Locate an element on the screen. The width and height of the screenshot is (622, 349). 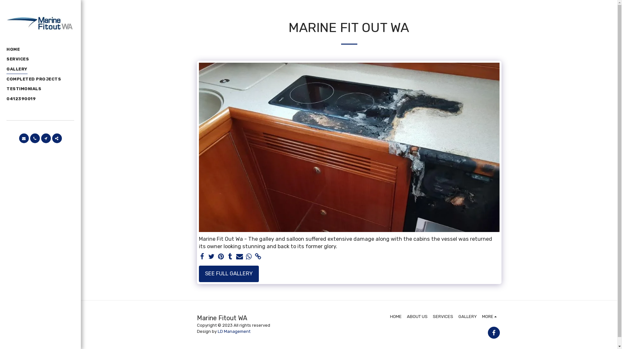
' ' is located at coordinates (51, 138).